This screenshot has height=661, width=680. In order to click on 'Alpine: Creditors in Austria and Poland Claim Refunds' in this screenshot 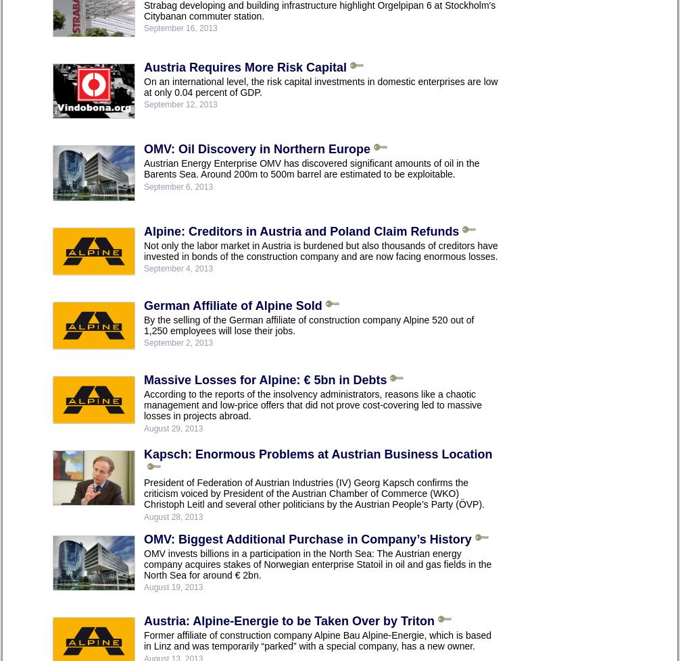, I will do `click(300, 230)`.